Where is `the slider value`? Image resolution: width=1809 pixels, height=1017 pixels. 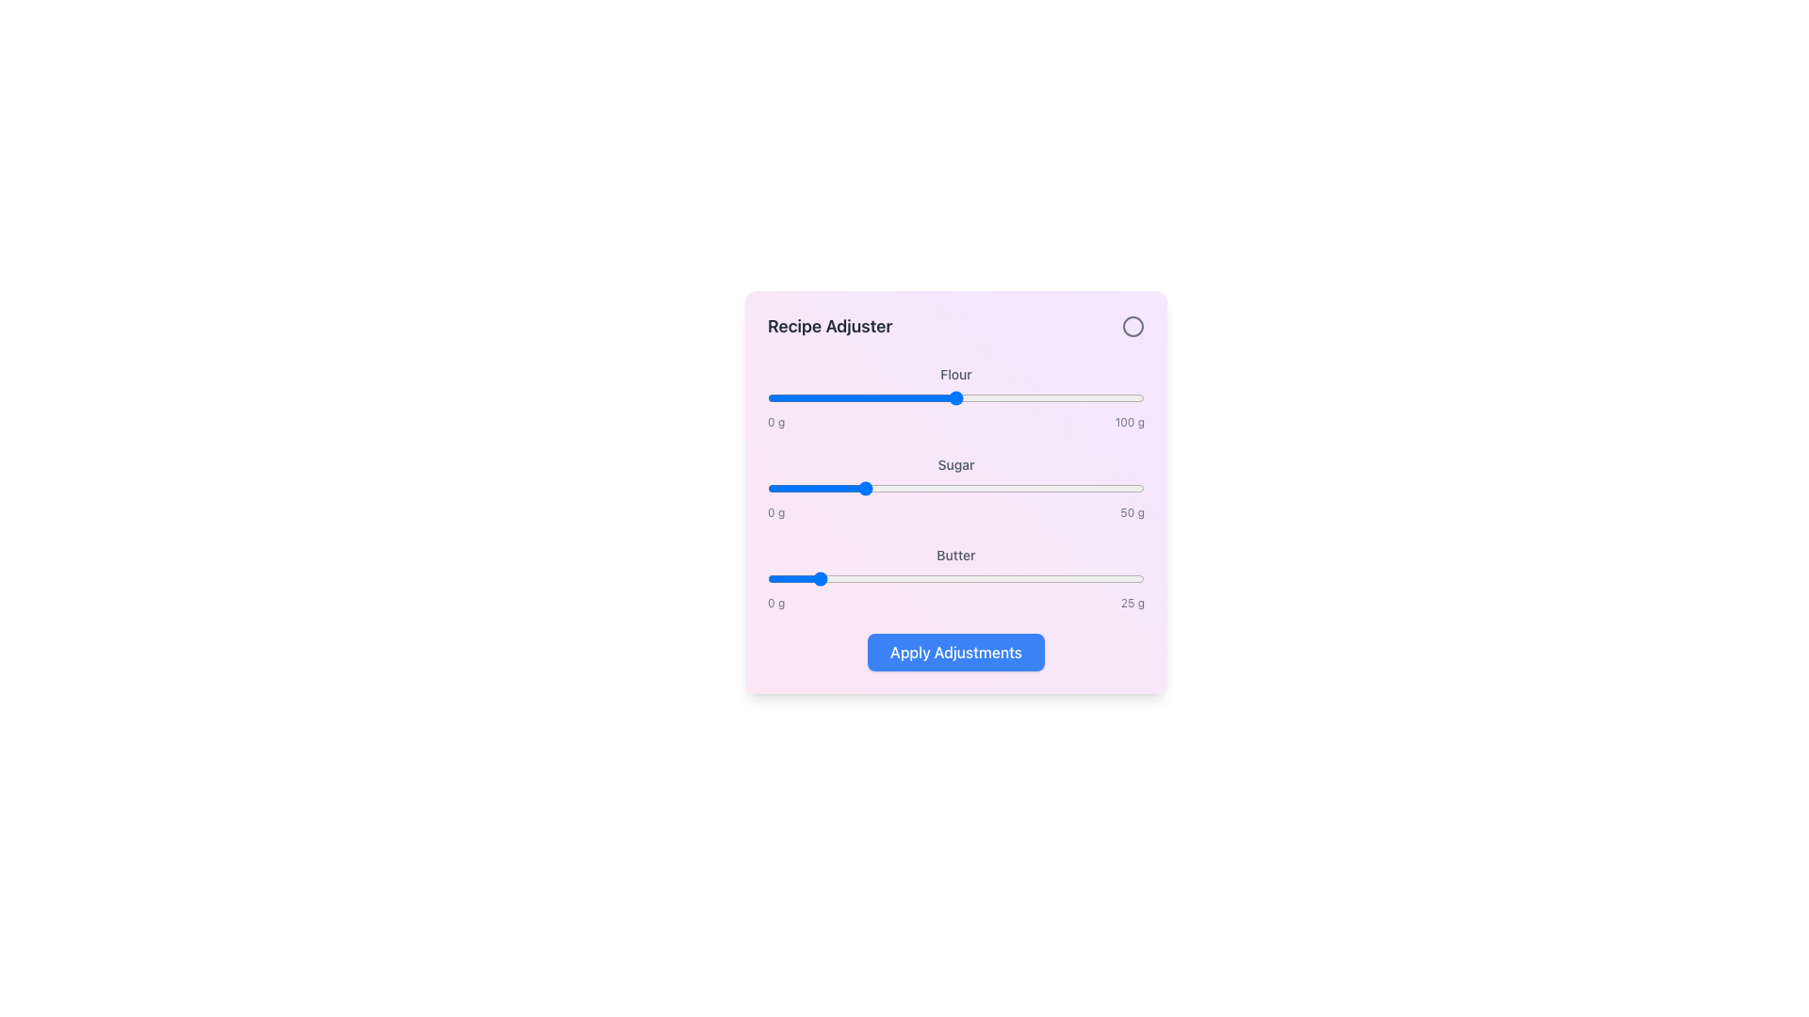
the slider value is located at coordinates (1089, 397).